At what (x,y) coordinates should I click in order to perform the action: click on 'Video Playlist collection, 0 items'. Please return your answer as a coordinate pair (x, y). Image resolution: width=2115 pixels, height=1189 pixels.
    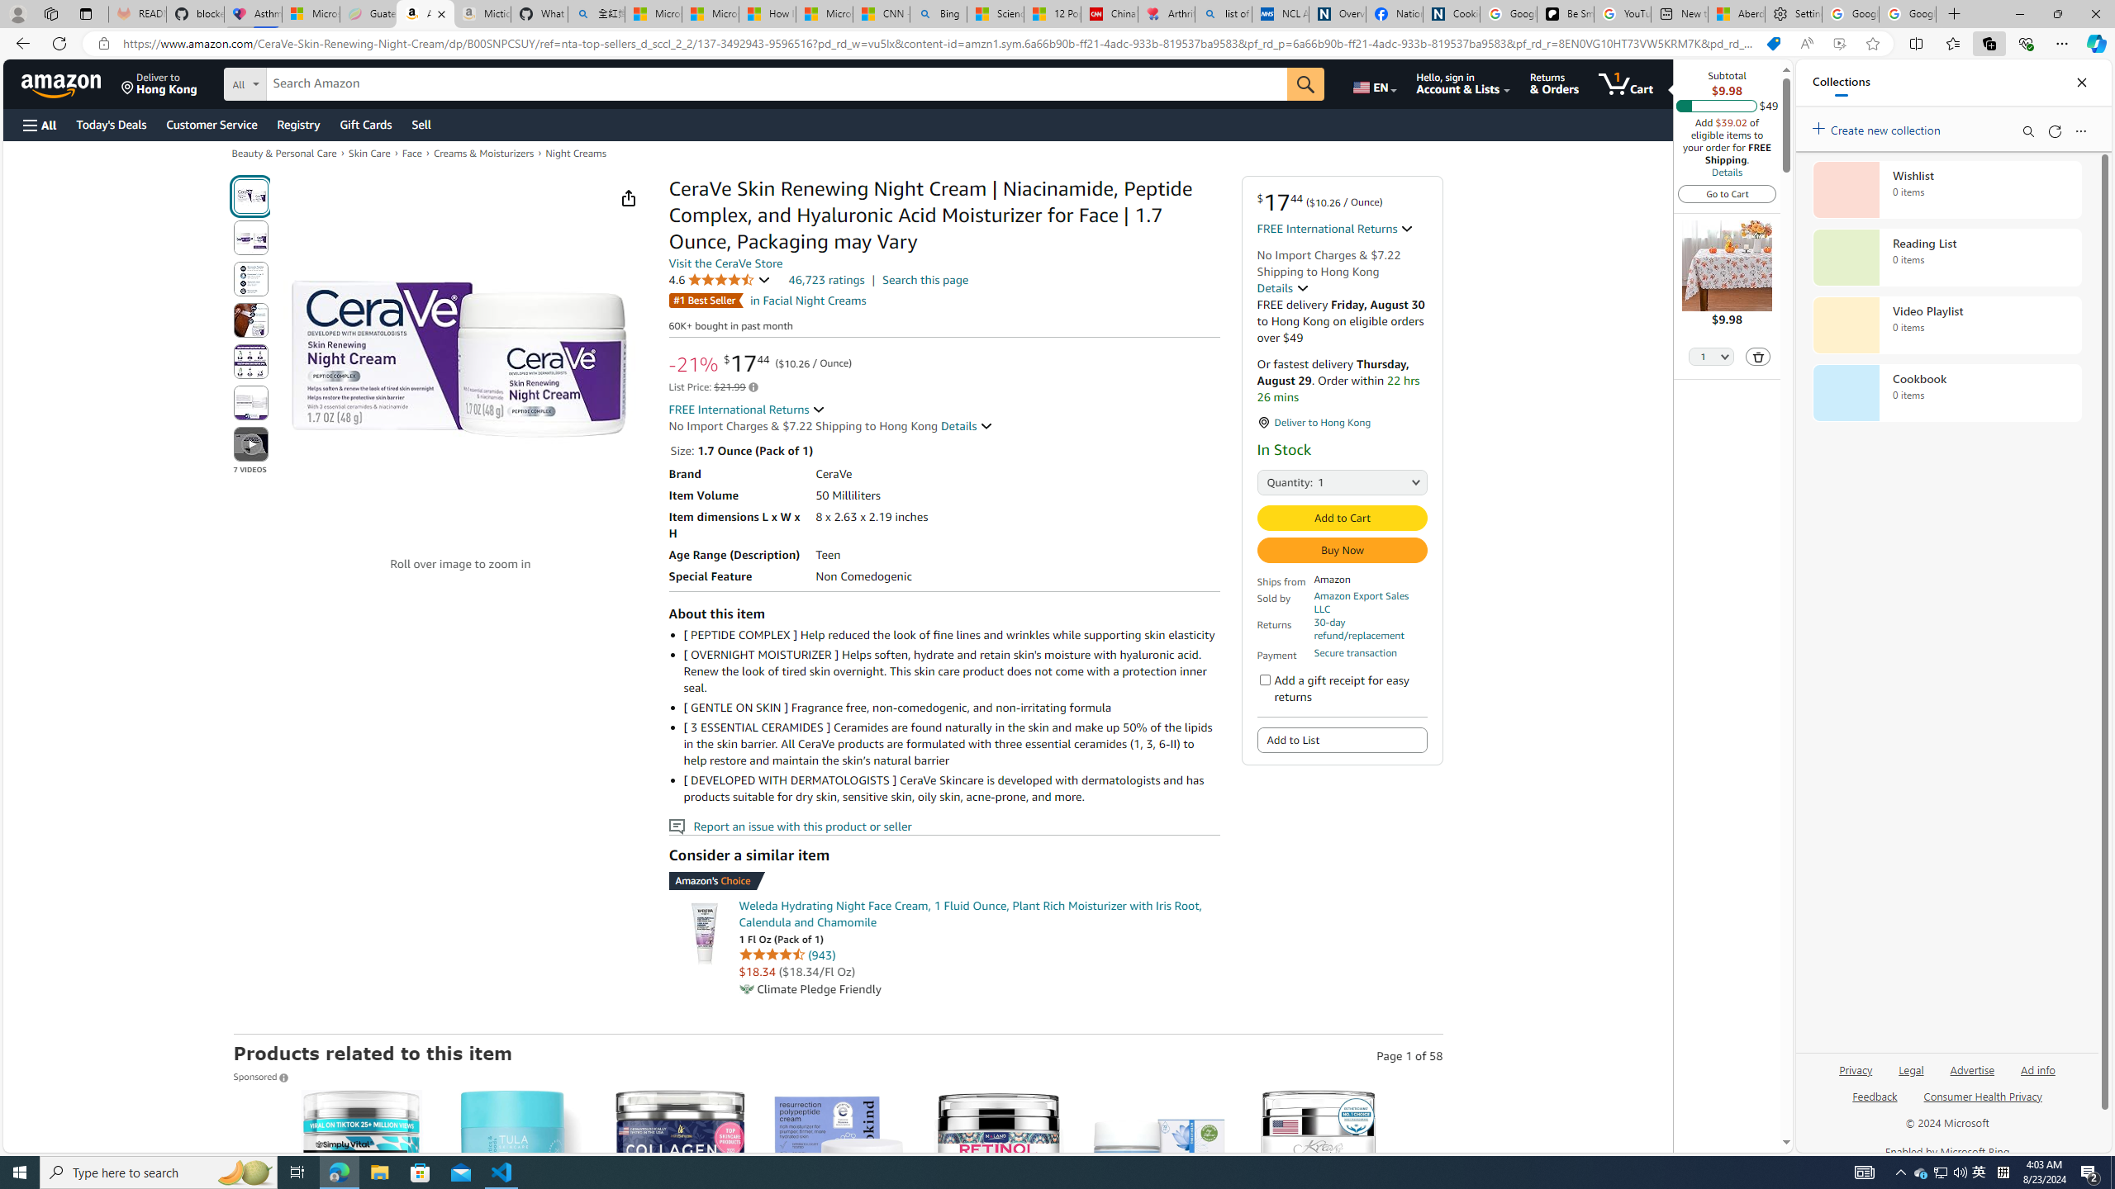
    Looking at the image, I should click on (1946, 324).